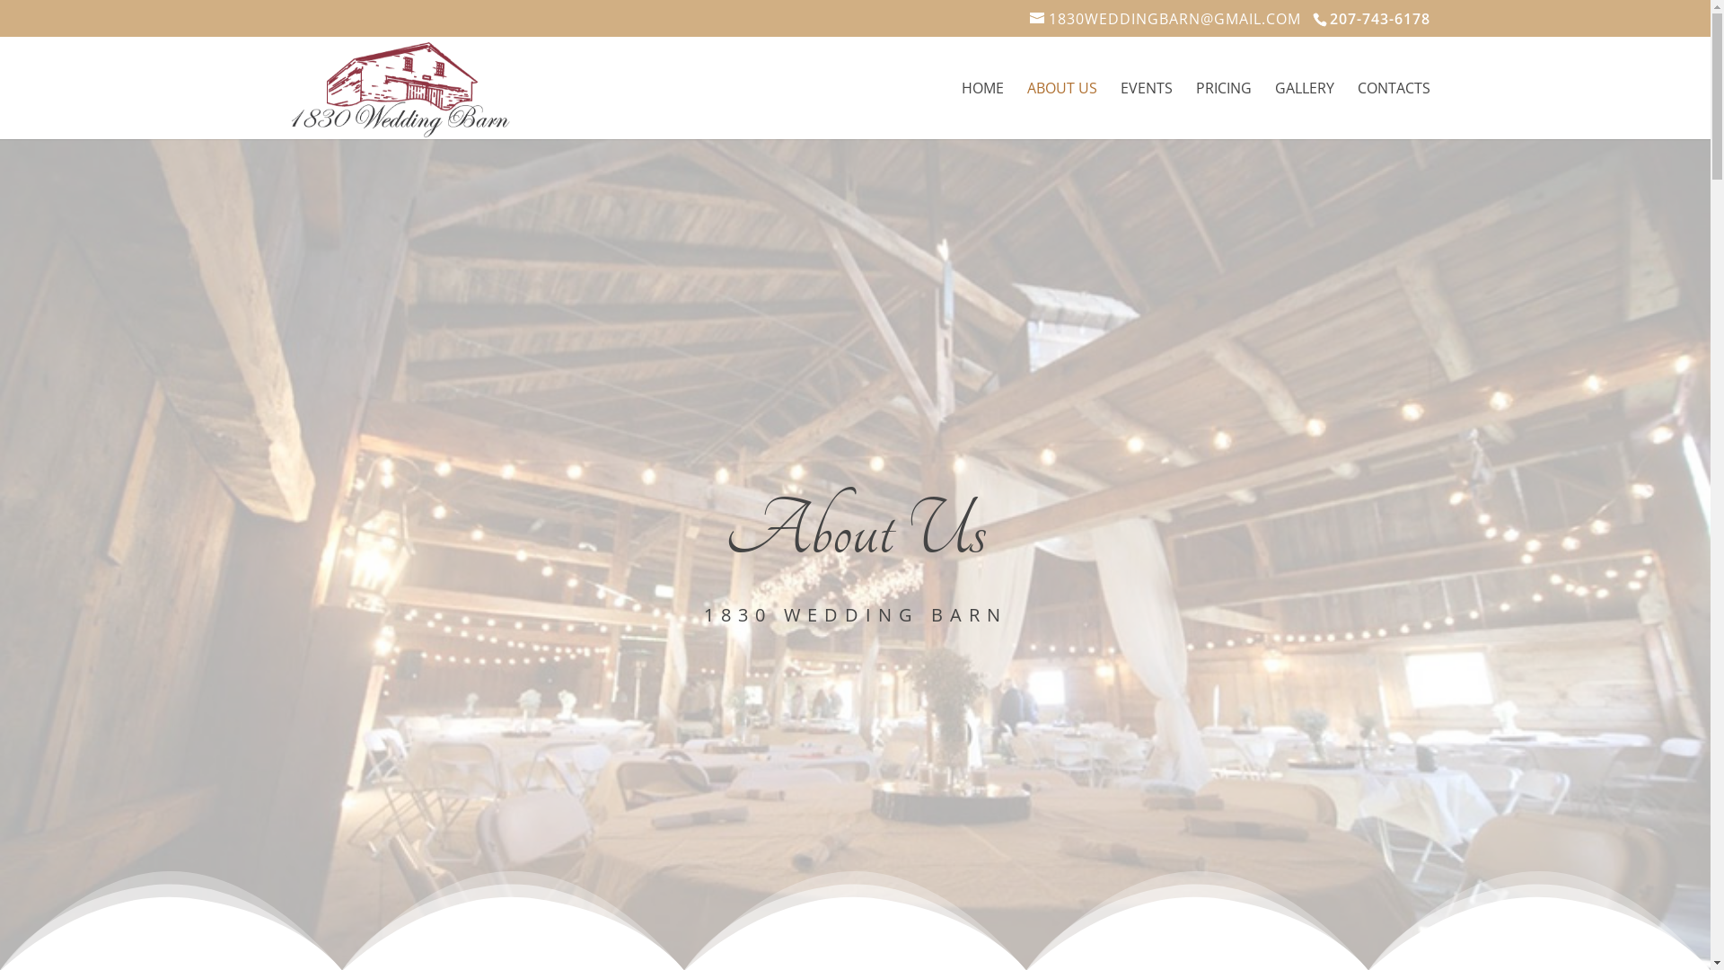 This screenshot has width=1724, height=970. Describe the element at coordinates (1393, 110) in the screenshot. I see `'CONTACTS'` at that location.